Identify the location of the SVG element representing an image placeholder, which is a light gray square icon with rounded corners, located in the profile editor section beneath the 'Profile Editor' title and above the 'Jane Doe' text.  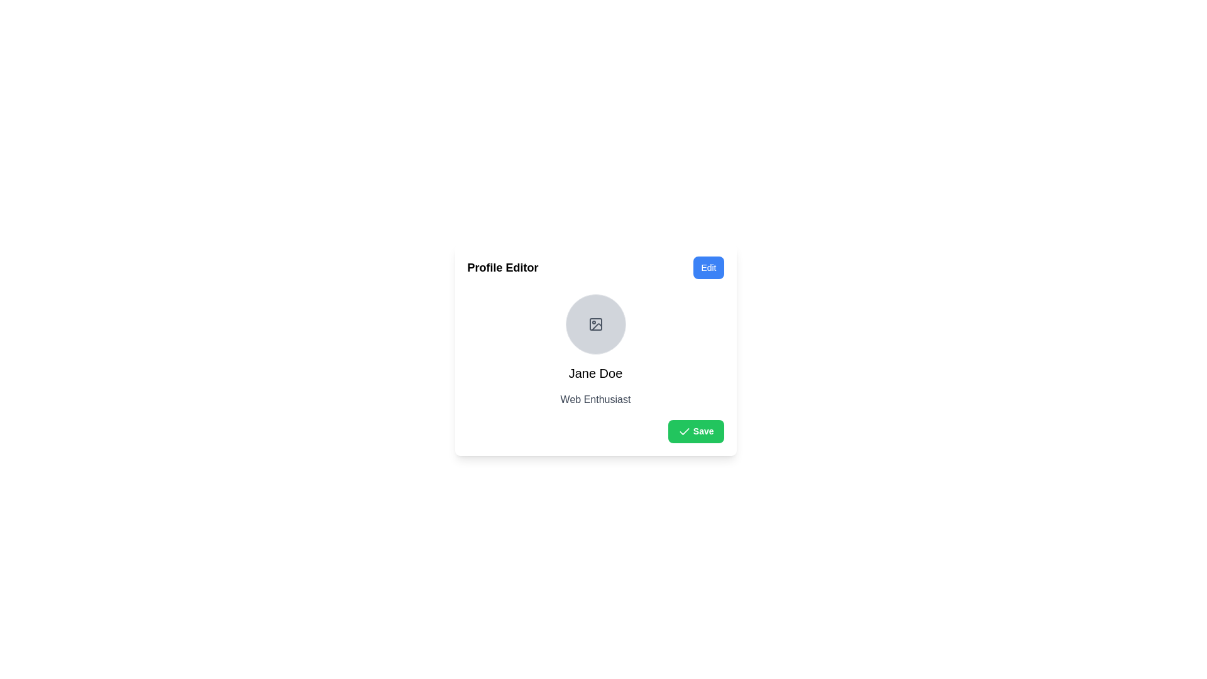
(595, 324).